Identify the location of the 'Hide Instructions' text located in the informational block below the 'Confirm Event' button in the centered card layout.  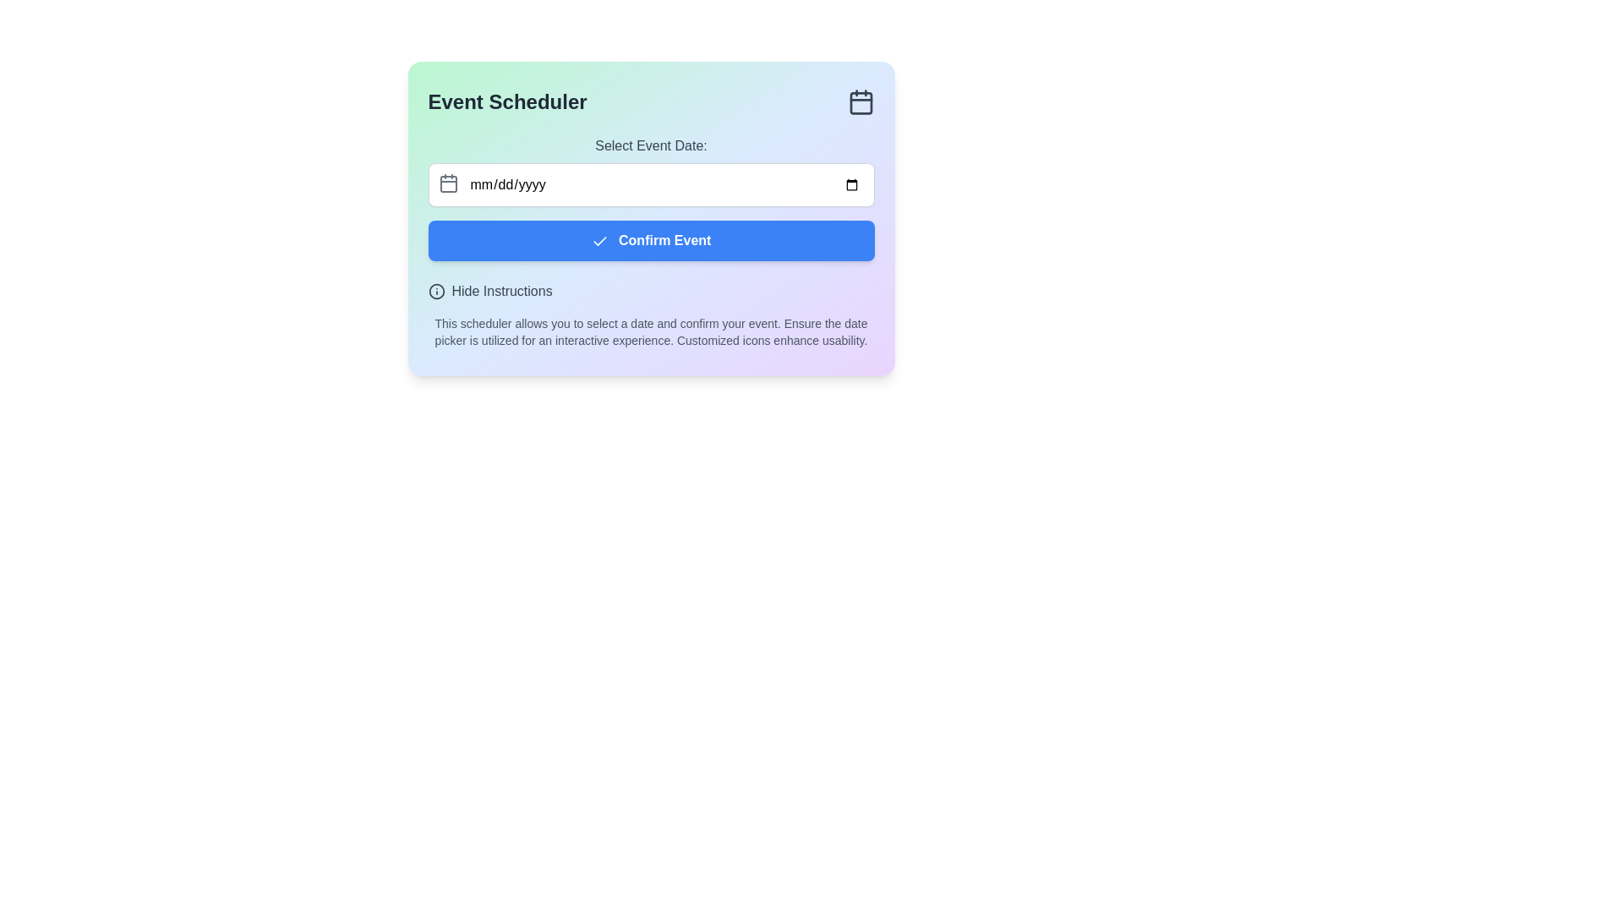
(650, 315).